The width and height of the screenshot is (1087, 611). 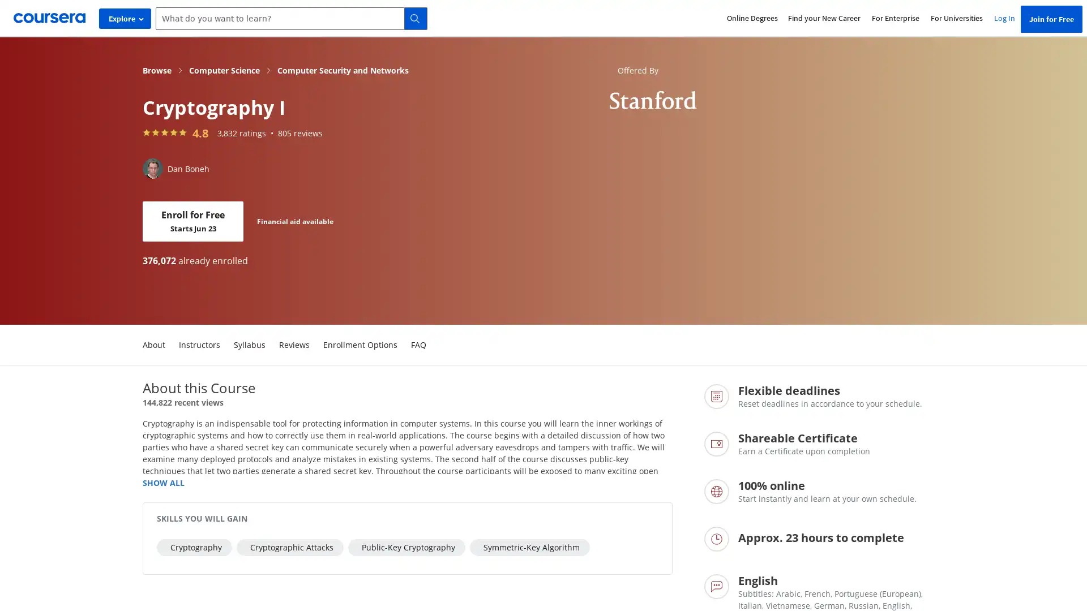 I want to click on SHOW ALL COURSE OUTLINE, so click(x=162, y=483).